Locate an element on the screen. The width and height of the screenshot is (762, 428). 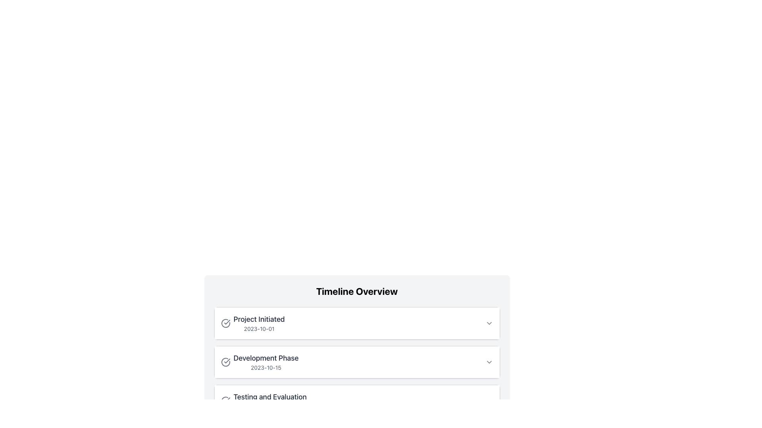
the checkmark icon representing completion status in the 'Timeline Overview' section, which is styled in gray and associated with the 'Development Phase' label is located at coordinates (226, 400).